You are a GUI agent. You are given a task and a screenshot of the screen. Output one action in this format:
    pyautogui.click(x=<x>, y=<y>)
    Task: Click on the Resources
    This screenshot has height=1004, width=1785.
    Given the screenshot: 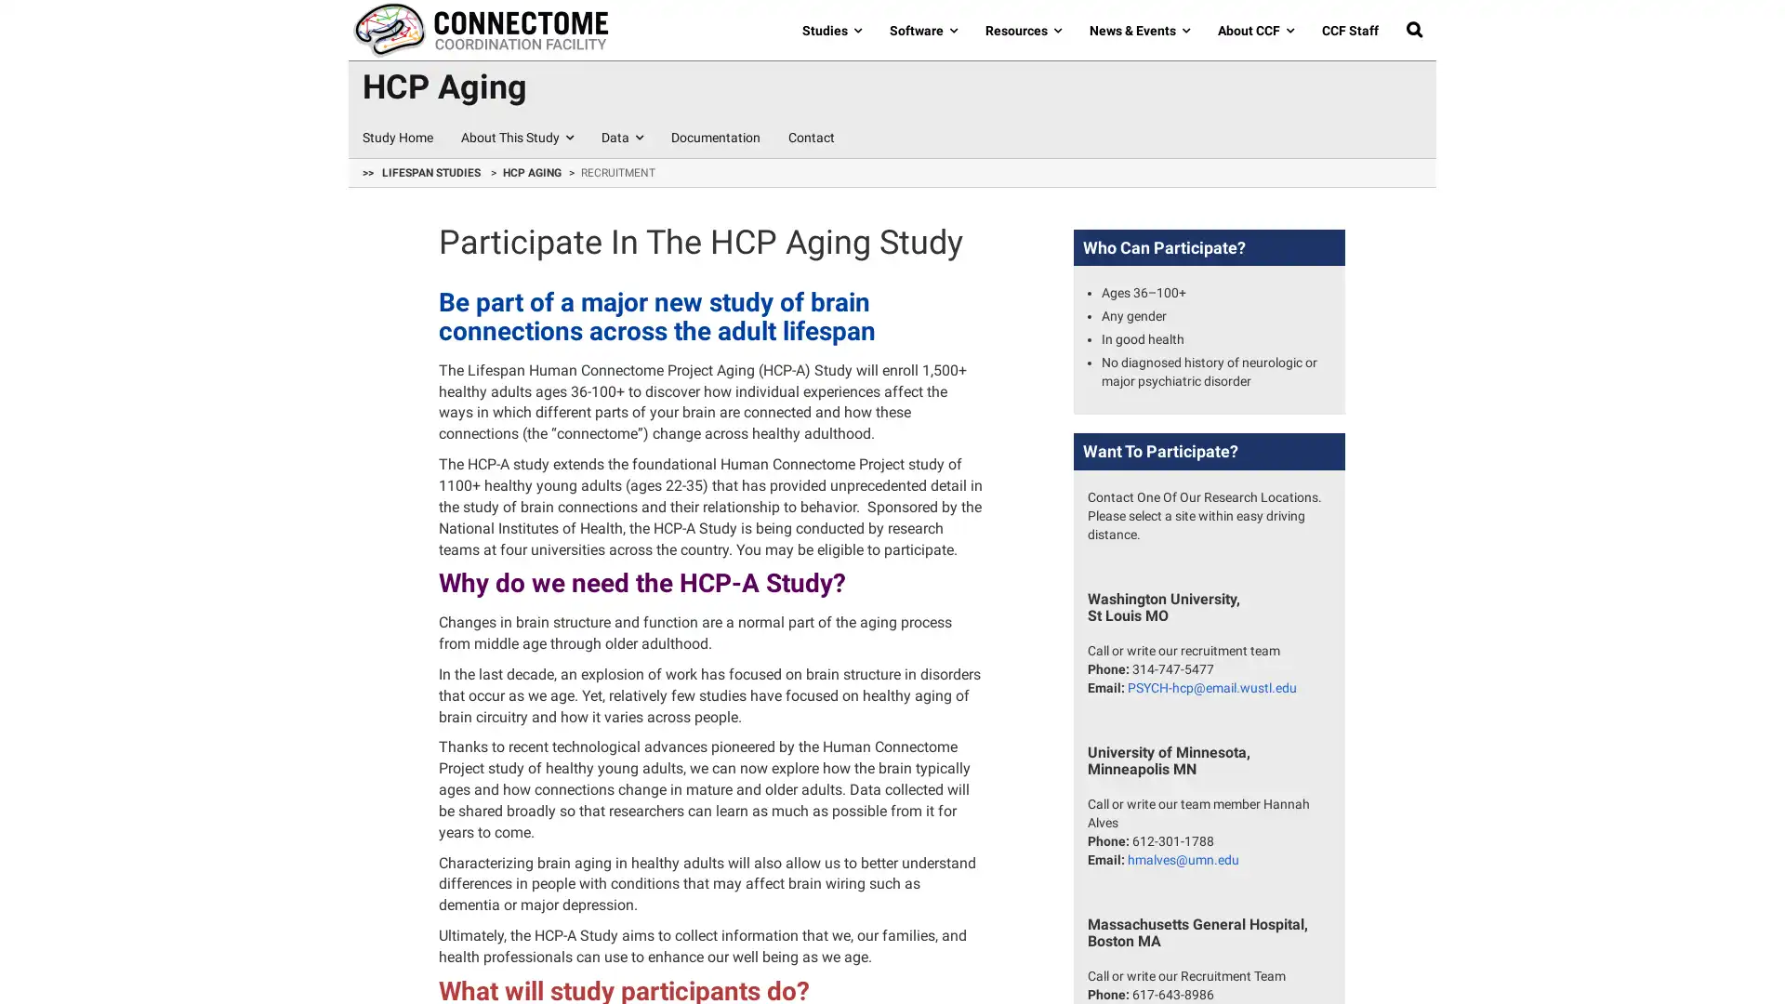 What is the action you would take?
    pyautogui.click(x=1022, y=35)
    